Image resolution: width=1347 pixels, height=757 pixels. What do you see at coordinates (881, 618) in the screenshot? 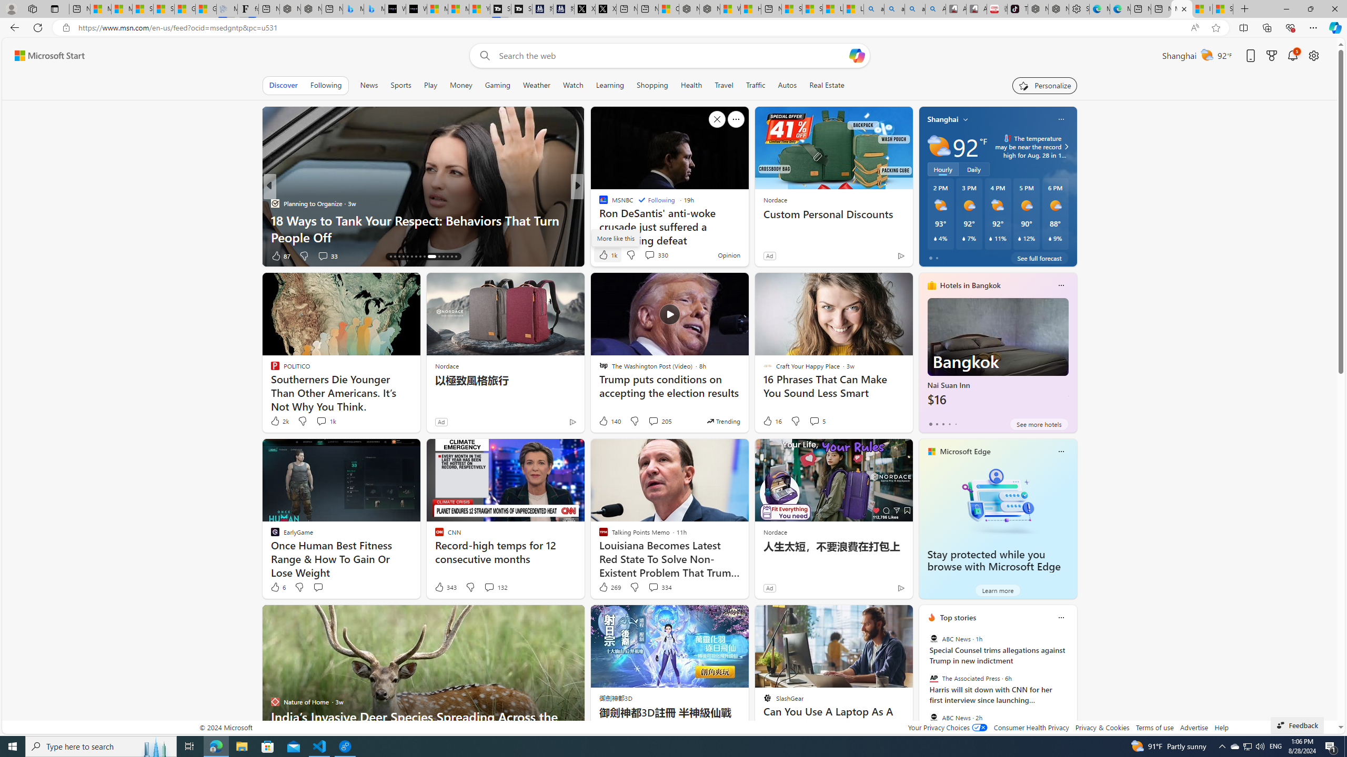
I see `'Hide this story'` at bounding box center [881, 618].